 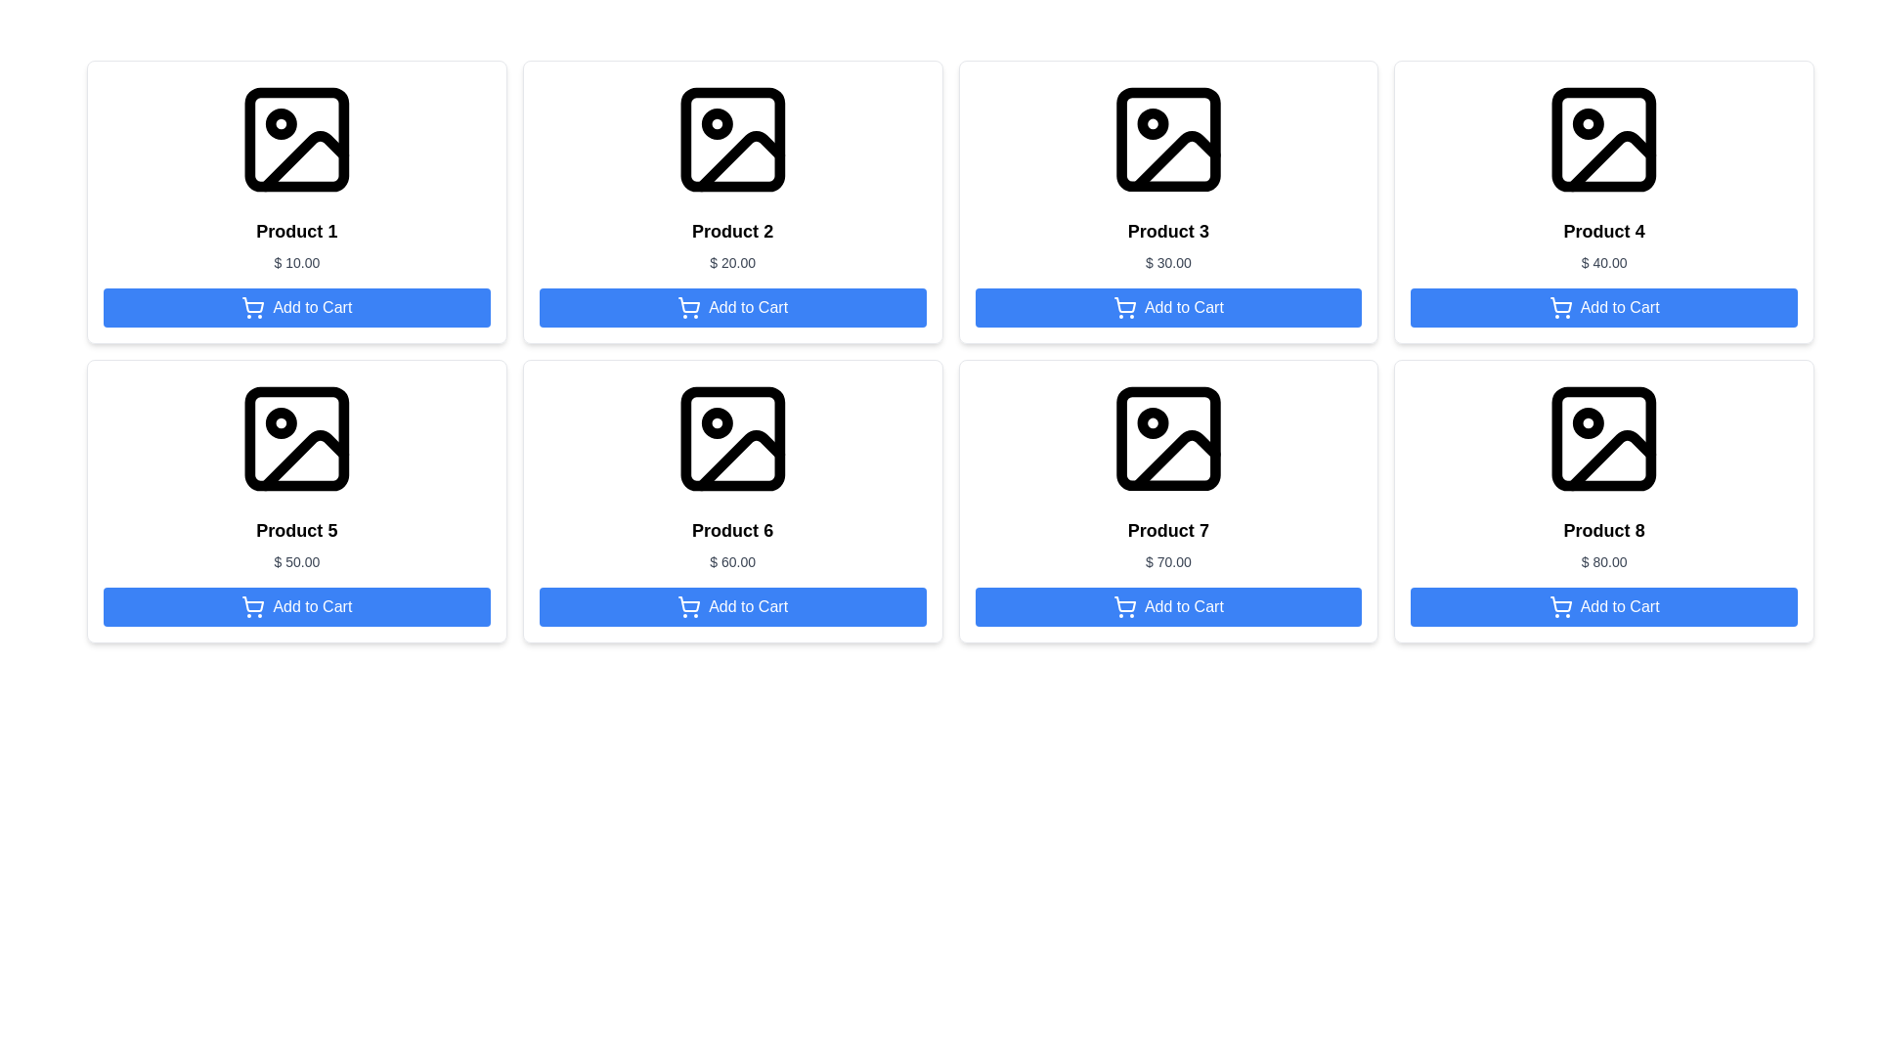 What do you see at coordinates (295, 606) in the screenshot?
I see `the 'Add to Cart' button with blue styling and white text located within the card for 'Product 5'` at bounding box center [295, 606].